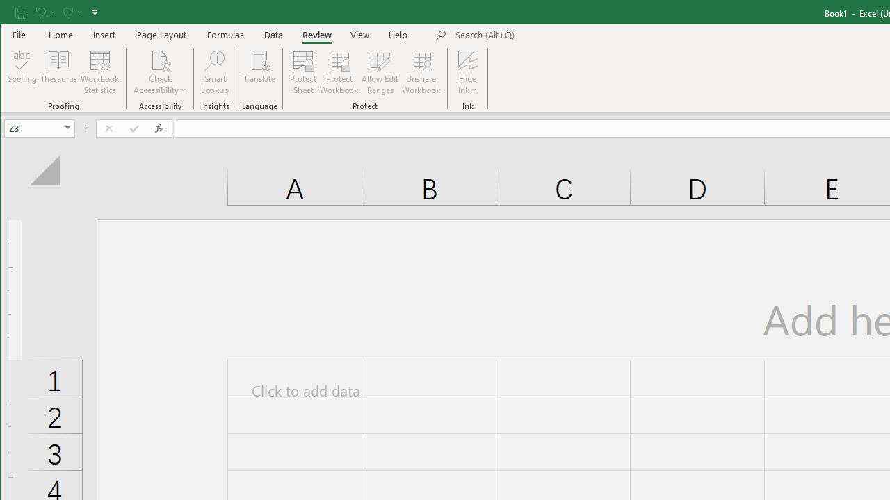  I want to click on 'Protect Sheet...', so click(302, 72).